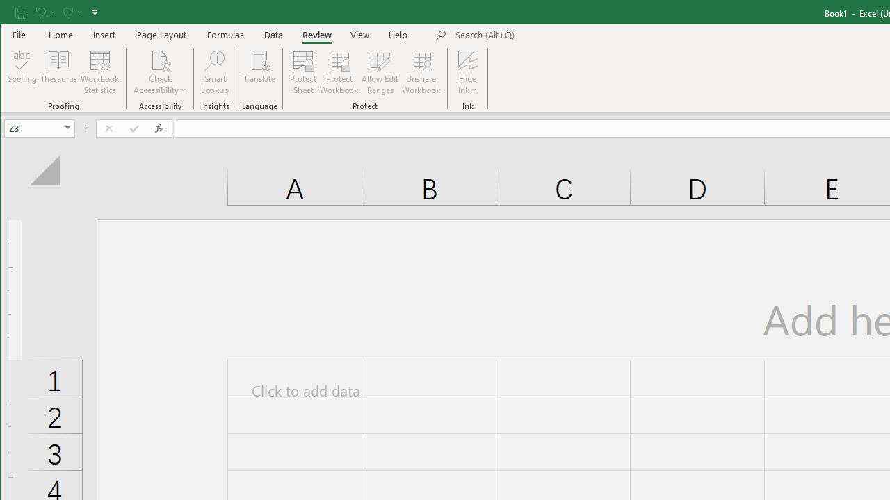  I want to click on 'Protect Sheet...', so click(302, 72).